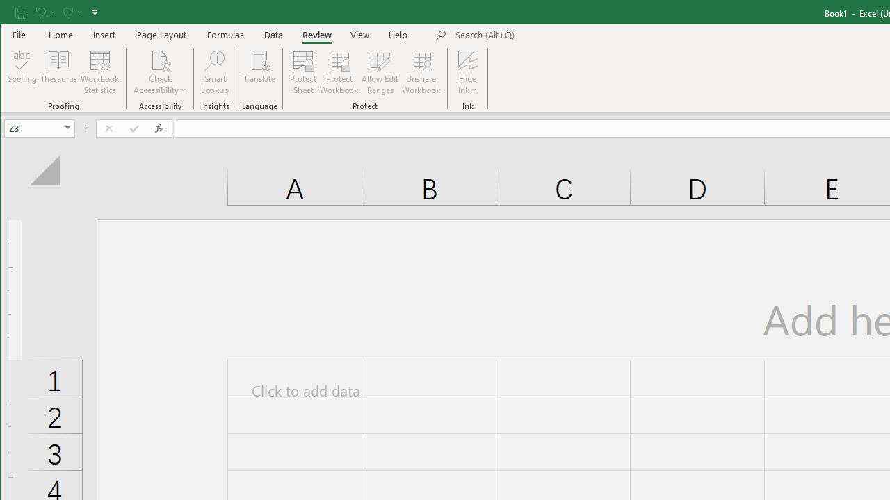  I want to click on 'Protect Sheet...', so click(302, 72).